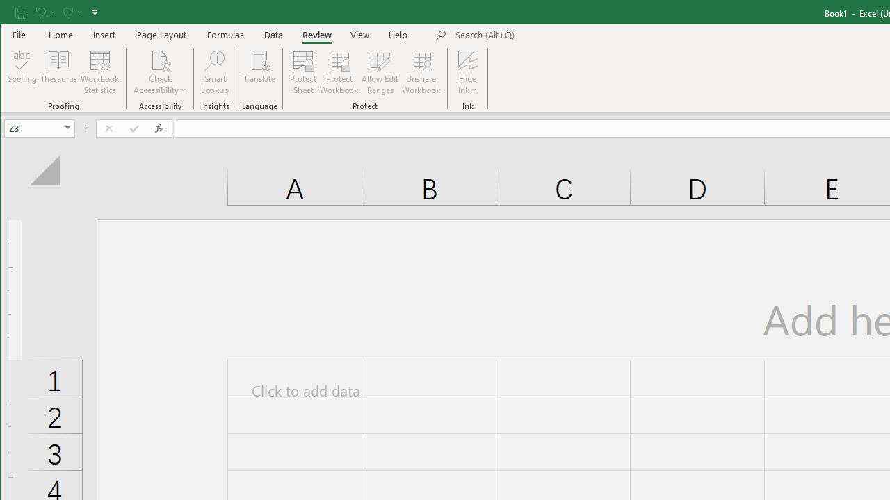  I want to click on 'Protect Sheet...', so click(302, 72).